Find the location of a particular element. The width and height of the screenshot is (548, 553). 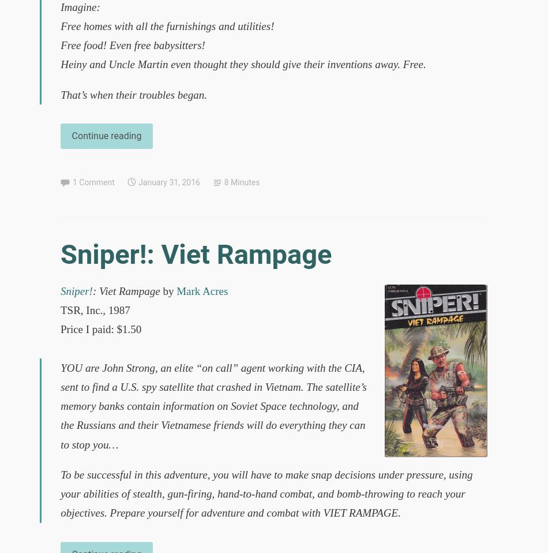

'1 Comment' is located at coordinates (93, 181).